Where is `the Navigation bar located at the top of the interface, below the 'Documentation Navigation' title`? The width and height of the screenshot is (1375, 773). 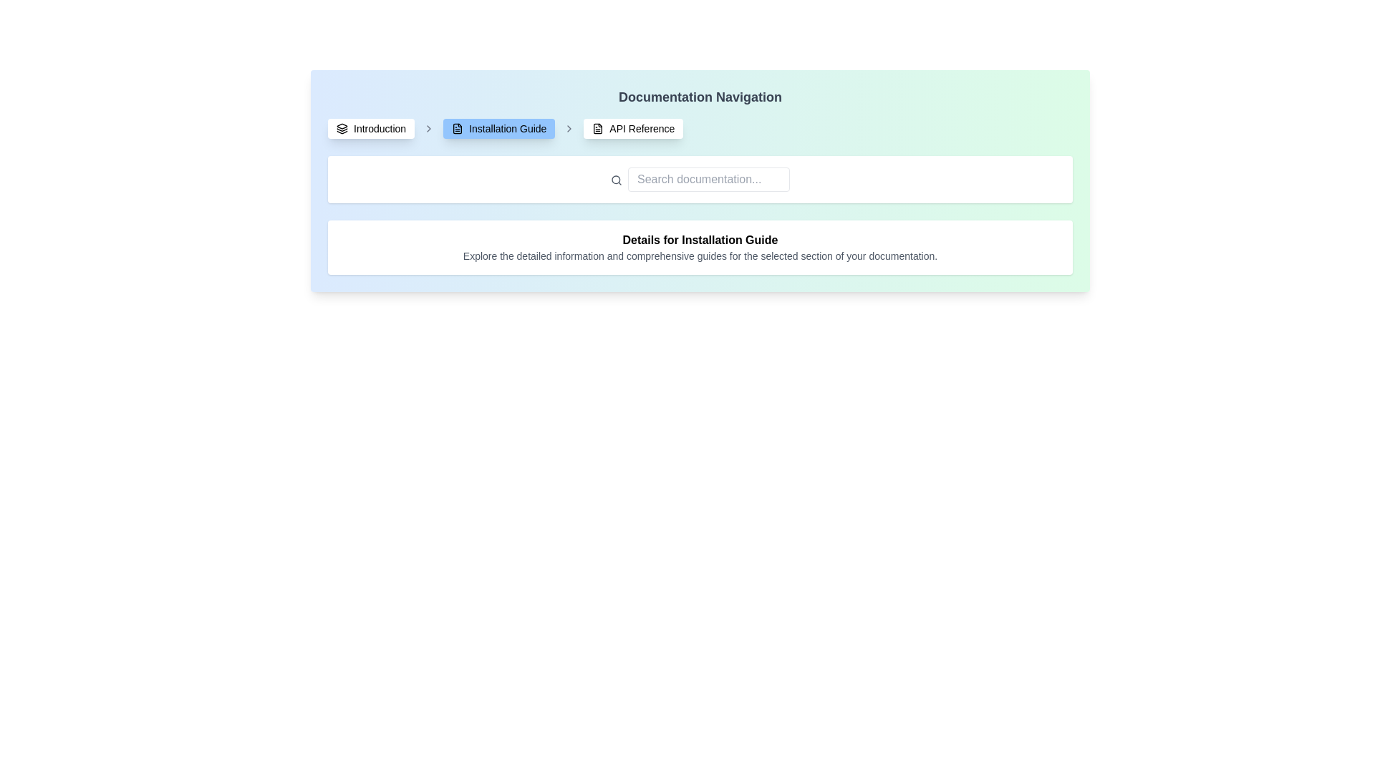 the Navigation bar located at the top of the interface, below the 'Documentation Navigation' title is located at coordinates (700, 129).